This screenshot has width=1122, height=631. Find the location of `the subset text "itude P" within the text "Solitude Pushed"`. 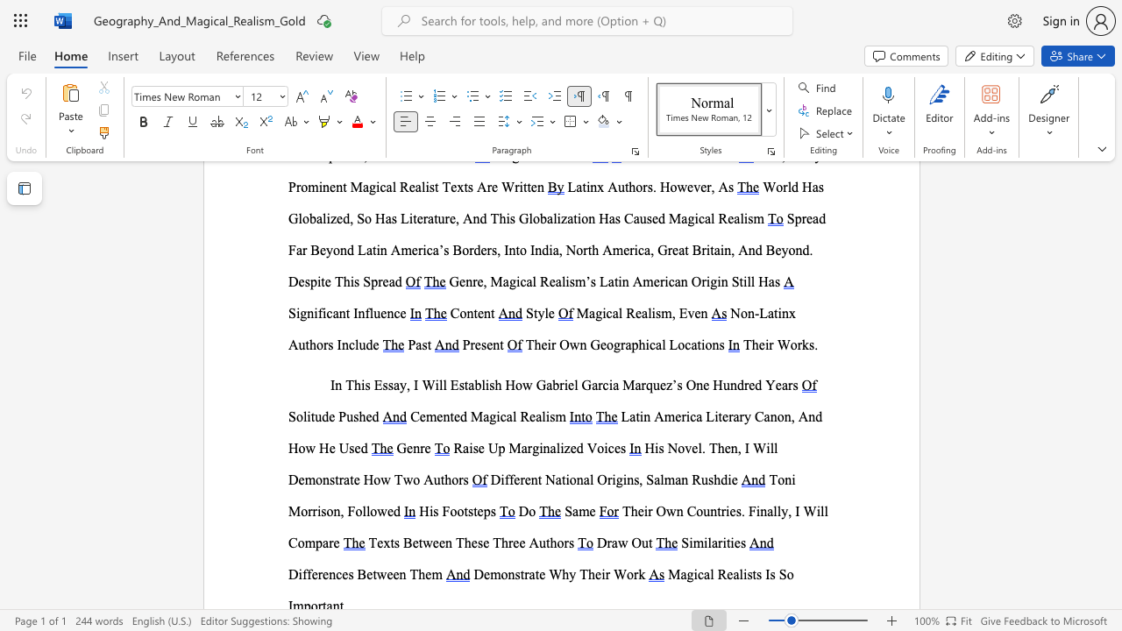

the subset text "itude P" within the text "Solitude Pushed" is located at coordinates (307, 416).